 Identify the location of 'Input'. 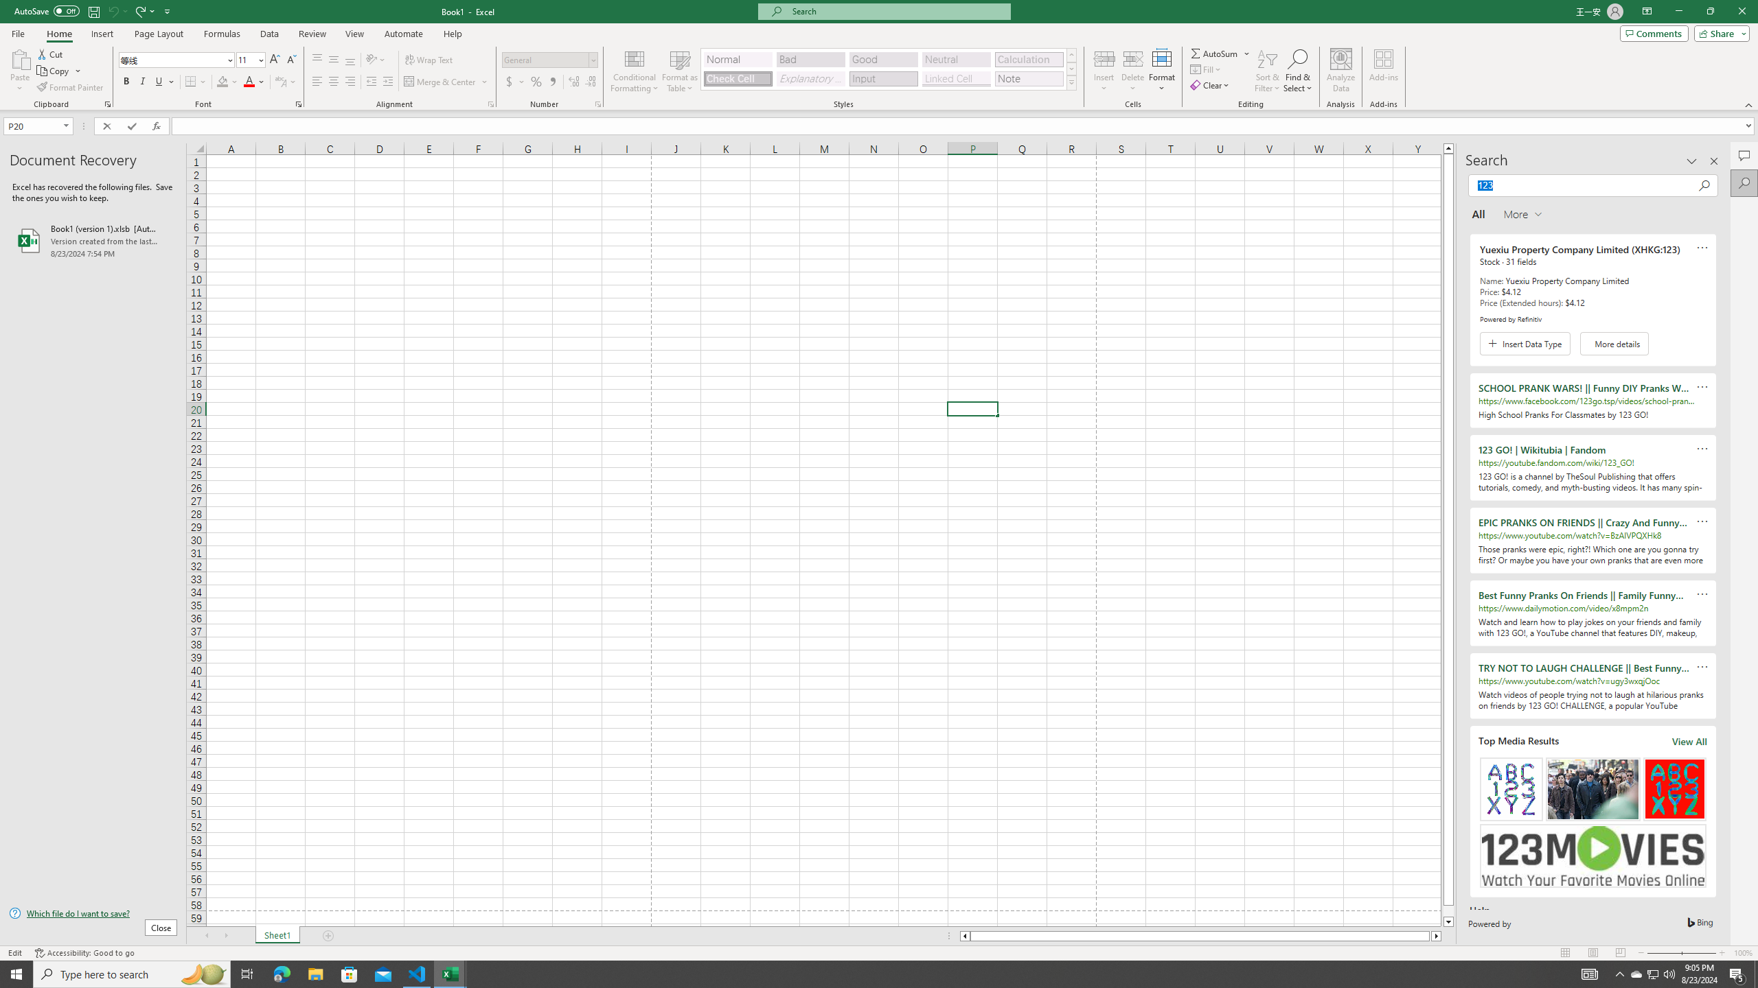
(882, 78).